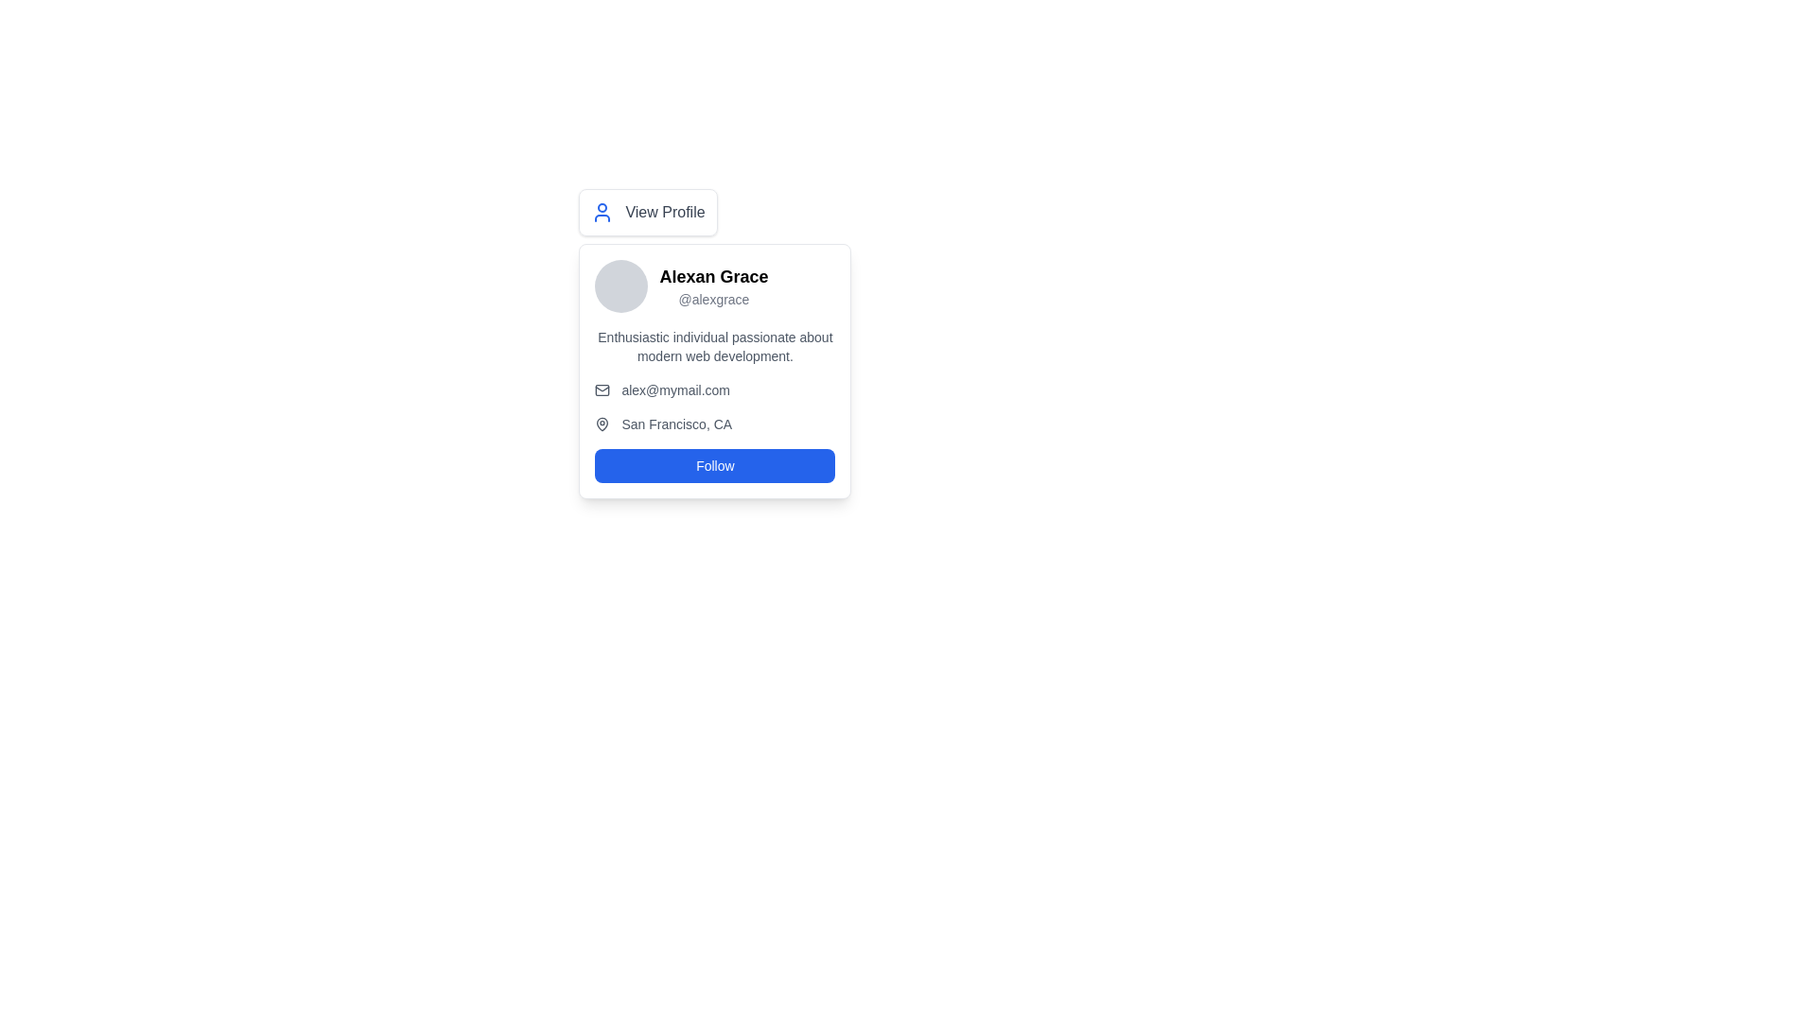 The width and height of the screenshot is (1816, 1021). What do you see at coordinates (648, 212) in the screenshot?
I see `the 'View Profile' button, which features a user profile icon with a blue outline and medium gray text` at bounding box center [648, 212].